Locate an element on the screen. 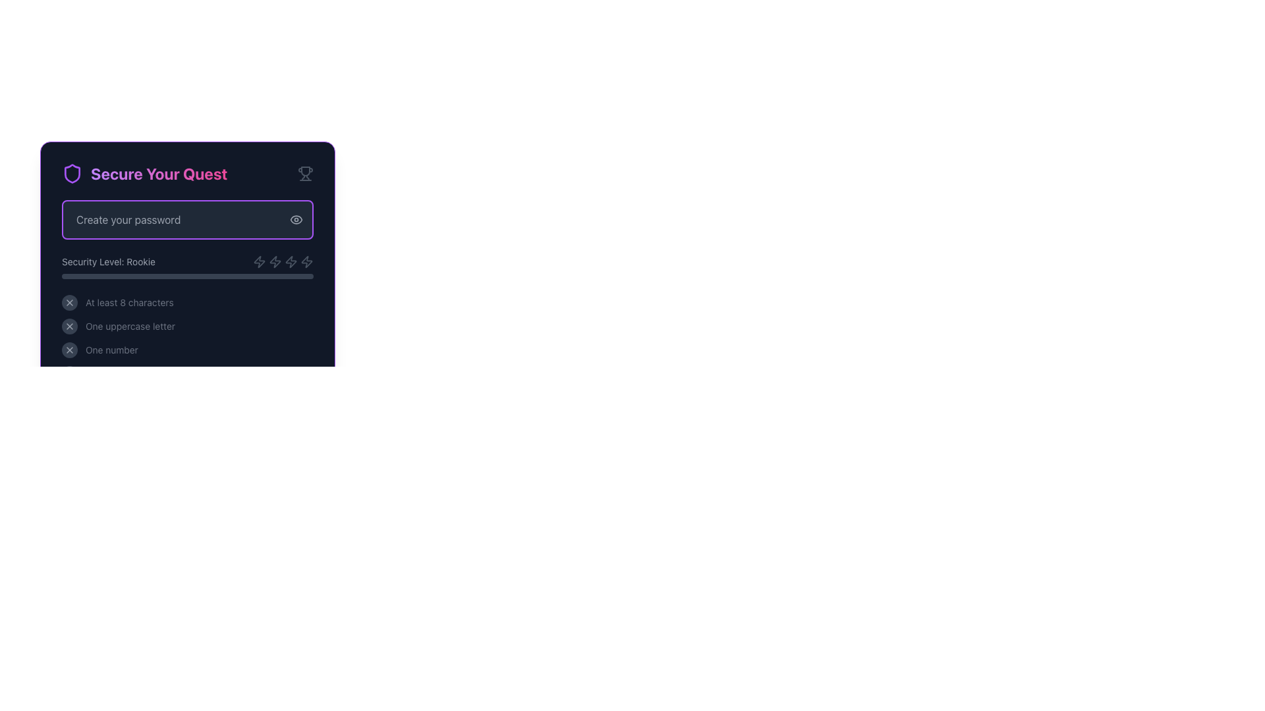 This screenshot has width=1265, height=711. the security icon located in the top-left corner of the panel, adjacent to the text 'Secure Your Quest'. This icon is a decorative SVG graphic indicating security or protection is located at coordinates (72, 172).